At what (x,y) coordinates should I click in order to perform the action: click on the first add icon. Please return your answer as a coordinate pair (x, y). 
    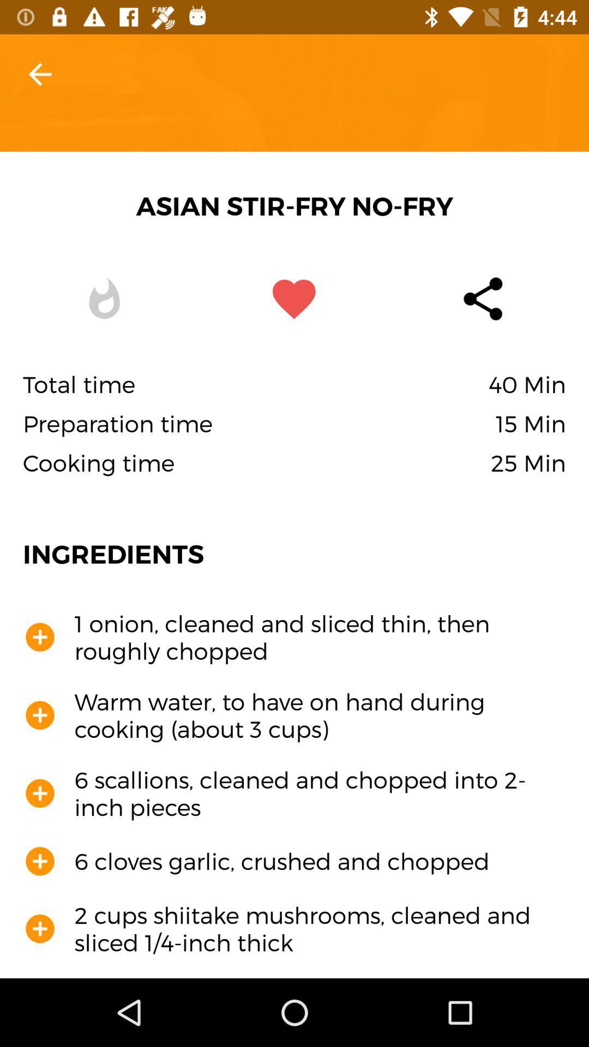
    Looking at the image, I should click on (39, 637).